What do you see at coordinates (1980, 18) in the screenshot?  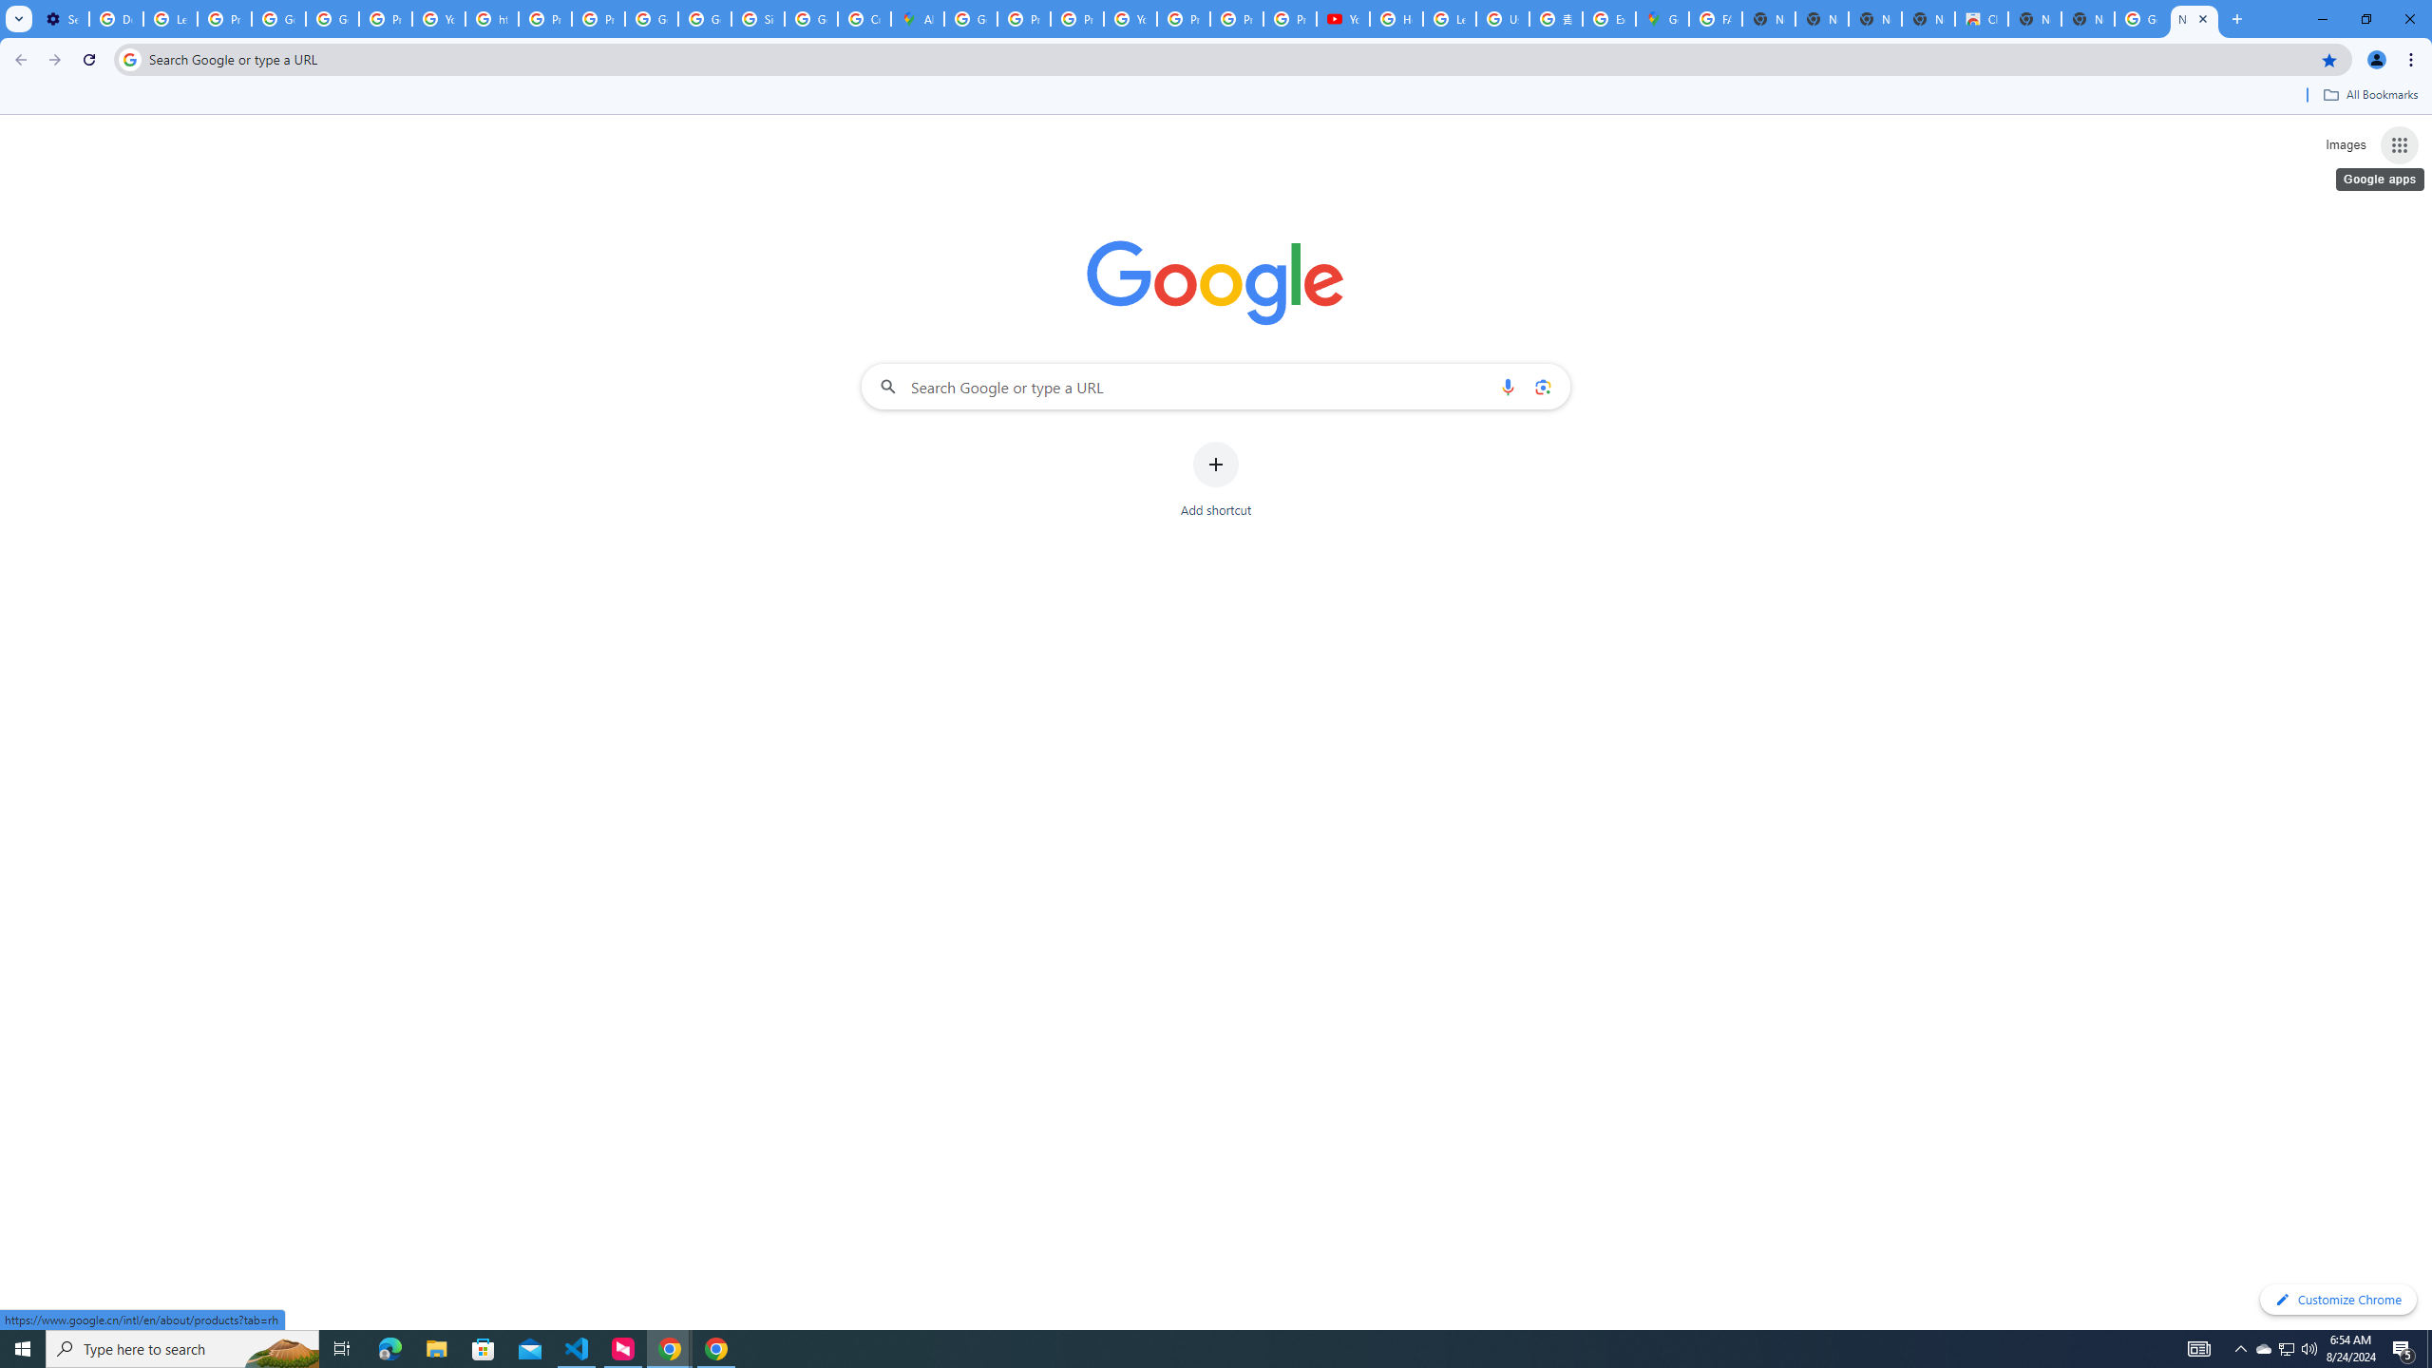 I see `'Chrome Web Store'` at bounding box center [1980, 18].